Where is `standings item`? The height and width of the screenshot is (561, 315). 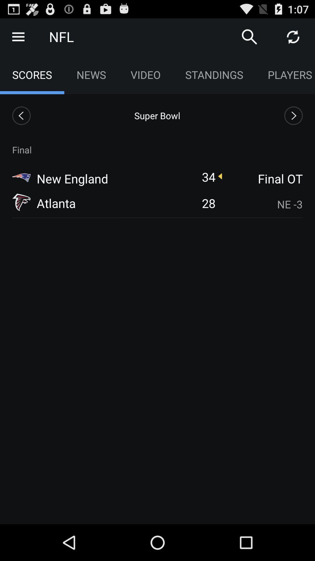 standings item is located at coordinates (214, 74).